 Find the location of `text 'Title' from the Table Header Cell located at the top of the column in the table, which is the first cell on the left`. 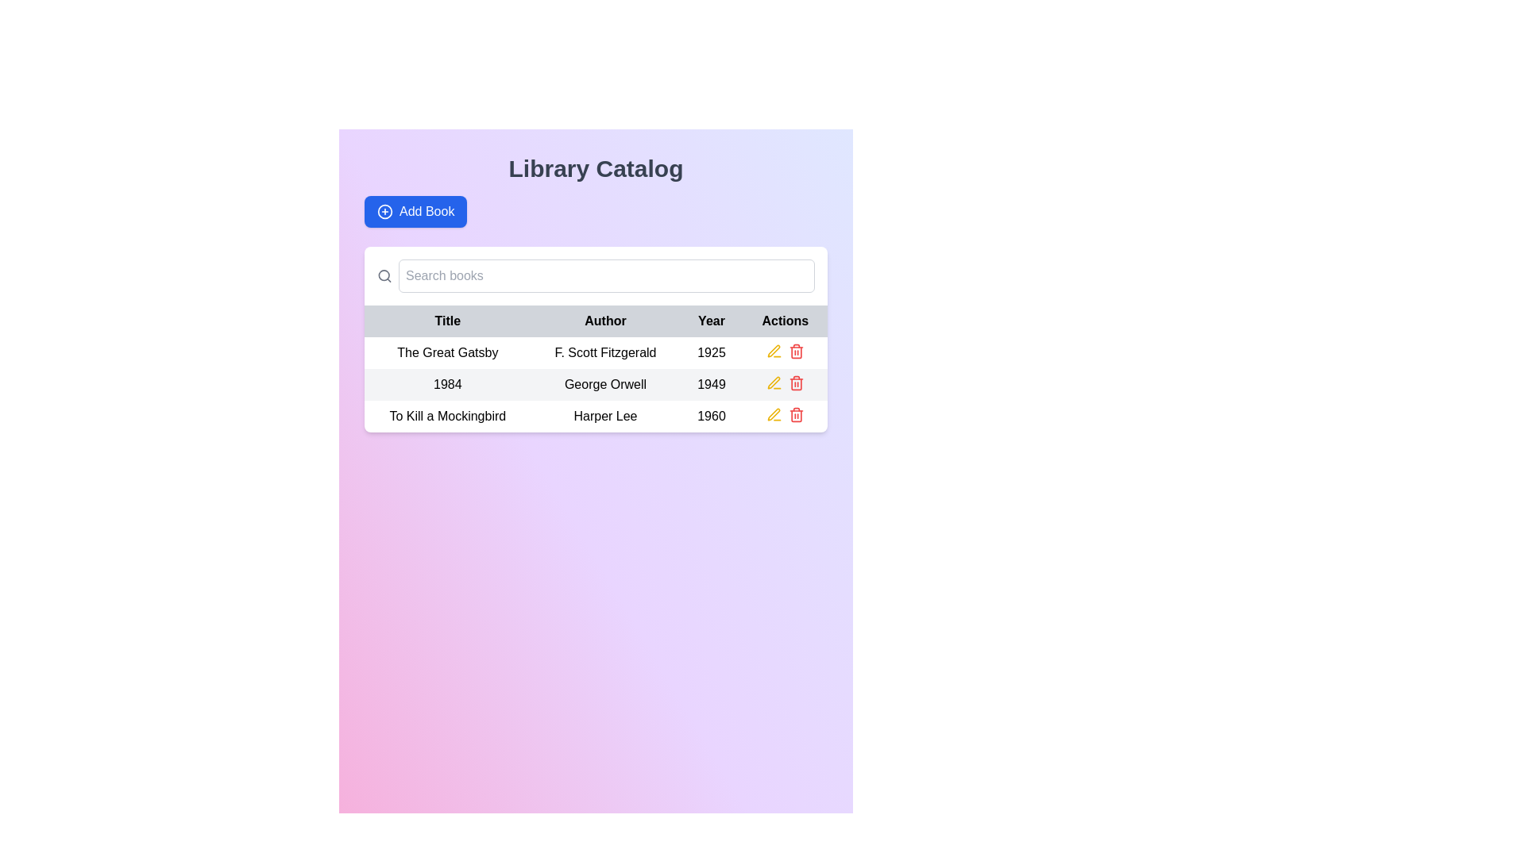

text 'Title' from the Table Header Cell located at the top of the column in the table, which is the first cell on the left is located at coordinates (446, 321).